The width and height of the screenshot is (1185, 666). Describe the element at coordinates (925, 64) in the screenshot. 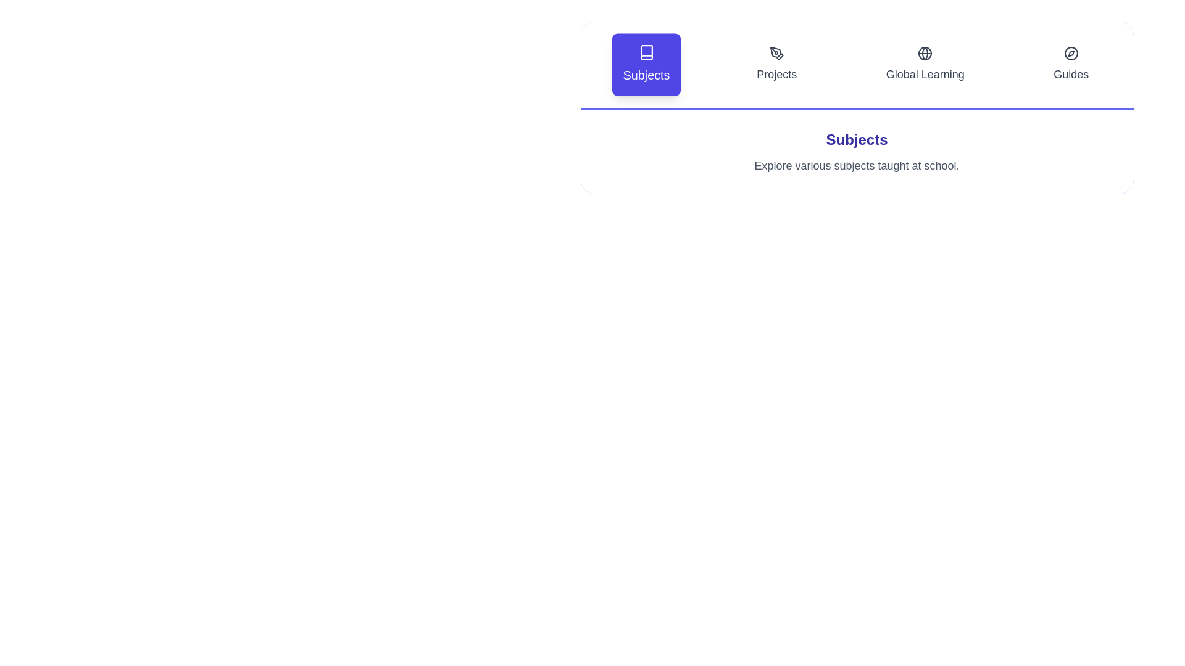

I see `the Global Learning tab to view its content` at that location.